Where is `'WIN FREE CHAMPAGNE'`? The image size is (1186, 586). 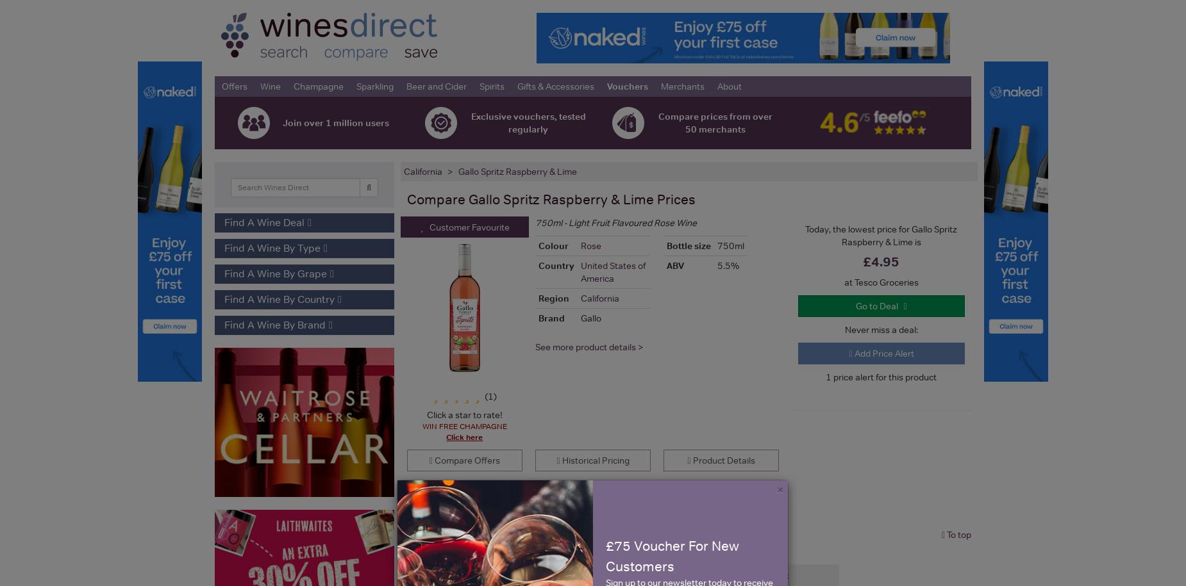
'WIN FREE CHAMPAGNE' is located at coordinates (464, 426).